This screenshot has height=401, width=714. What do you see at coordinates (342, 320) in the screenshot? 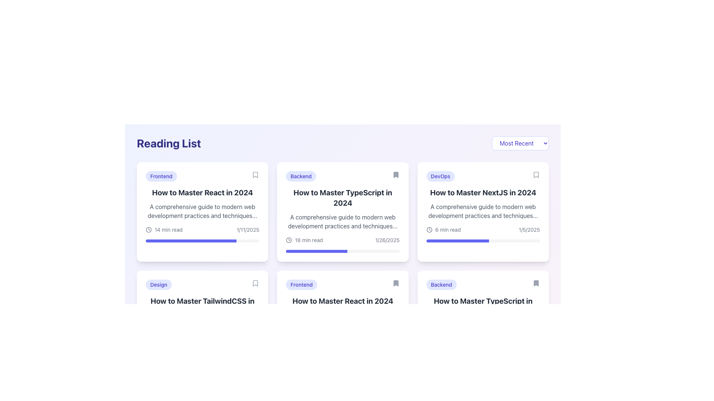
I see `the card titled 'How to Master React in 2024' located in the bottom row, middle column of the grid` at bounding box center [342, 320].